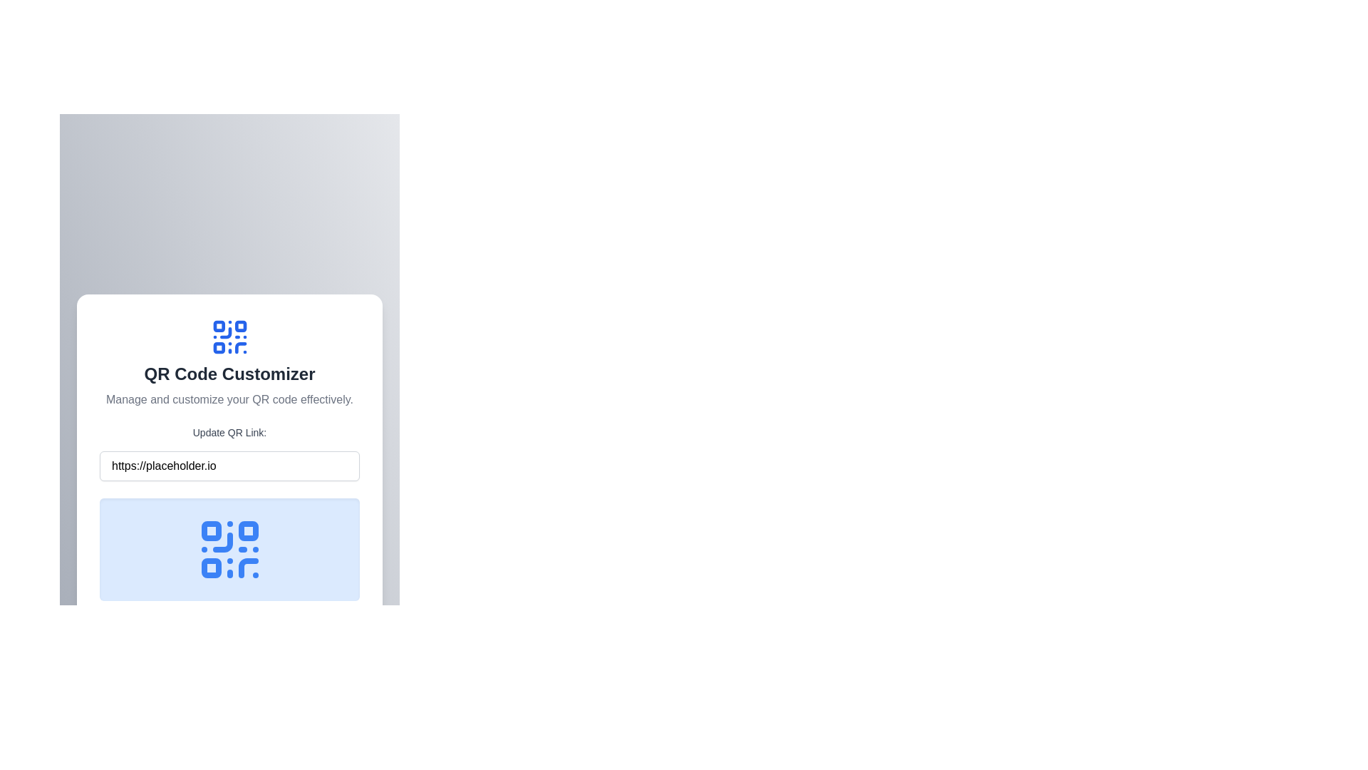 This screenshot has width=1368, height=770. Describe the element at coordinates (229, 337) in the screenshot. I see `the QR code icon located at the top of the card layout, above the title 'QR Code Customizer'` at that location.